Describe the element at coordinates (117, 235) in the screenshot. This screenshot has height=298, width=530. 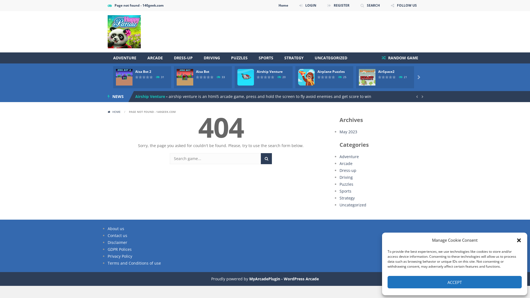
I see `'Contact us'` at that location.